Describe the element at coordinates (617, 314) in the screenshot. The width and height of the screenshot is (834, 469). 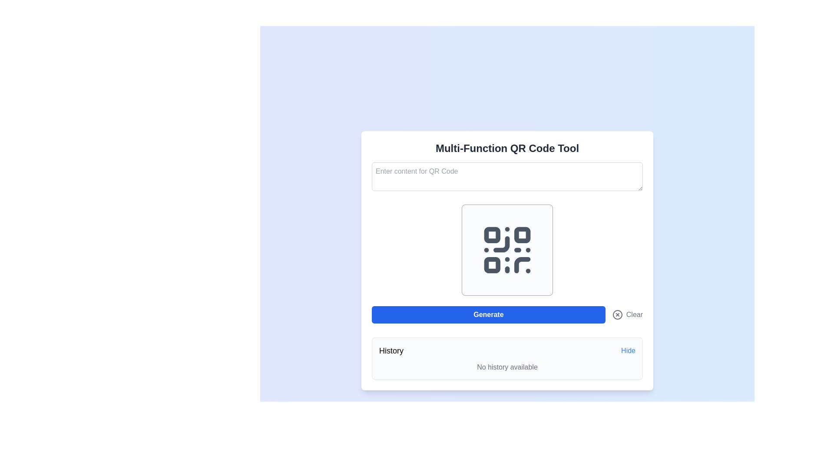
I see `the circular SVG graphic element located in the top right corner of the interface, which is part of a Close or Clear button` at that location.